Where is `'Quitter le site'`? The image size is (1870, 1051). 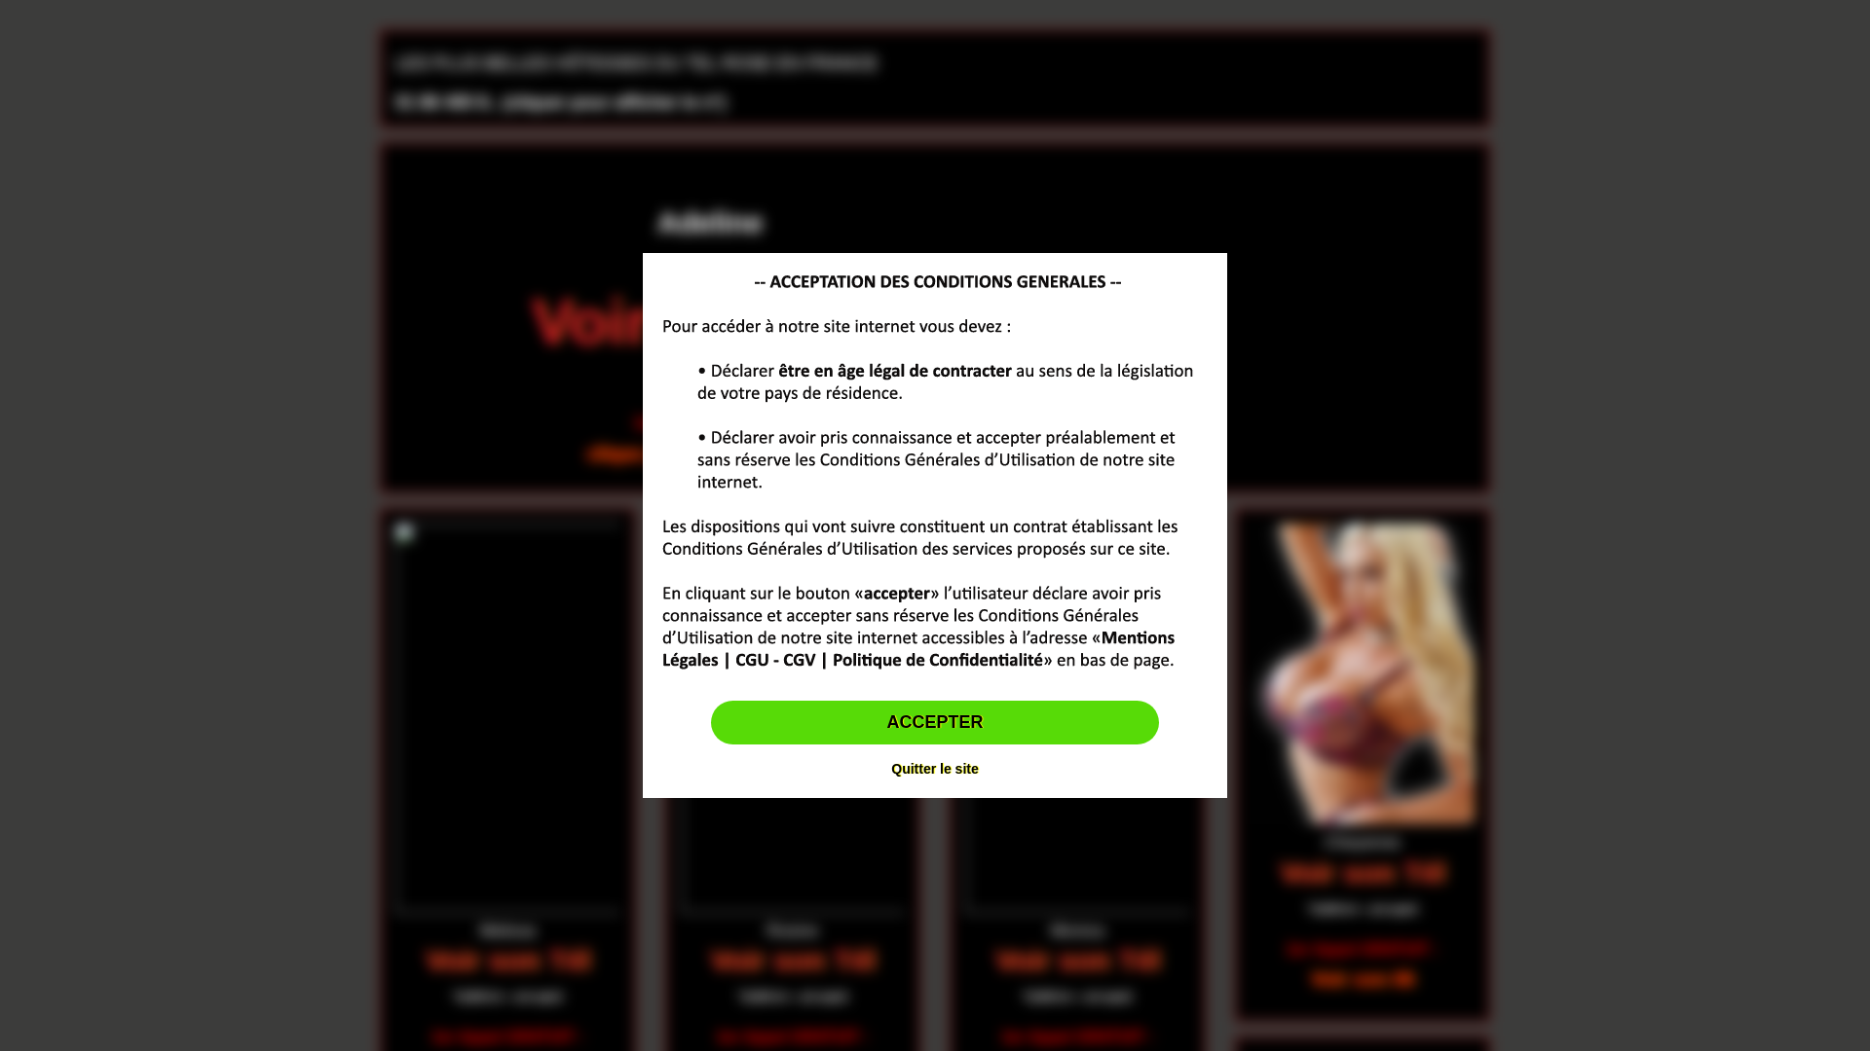 'Quitter le site' is located at coordinates (933, 768).